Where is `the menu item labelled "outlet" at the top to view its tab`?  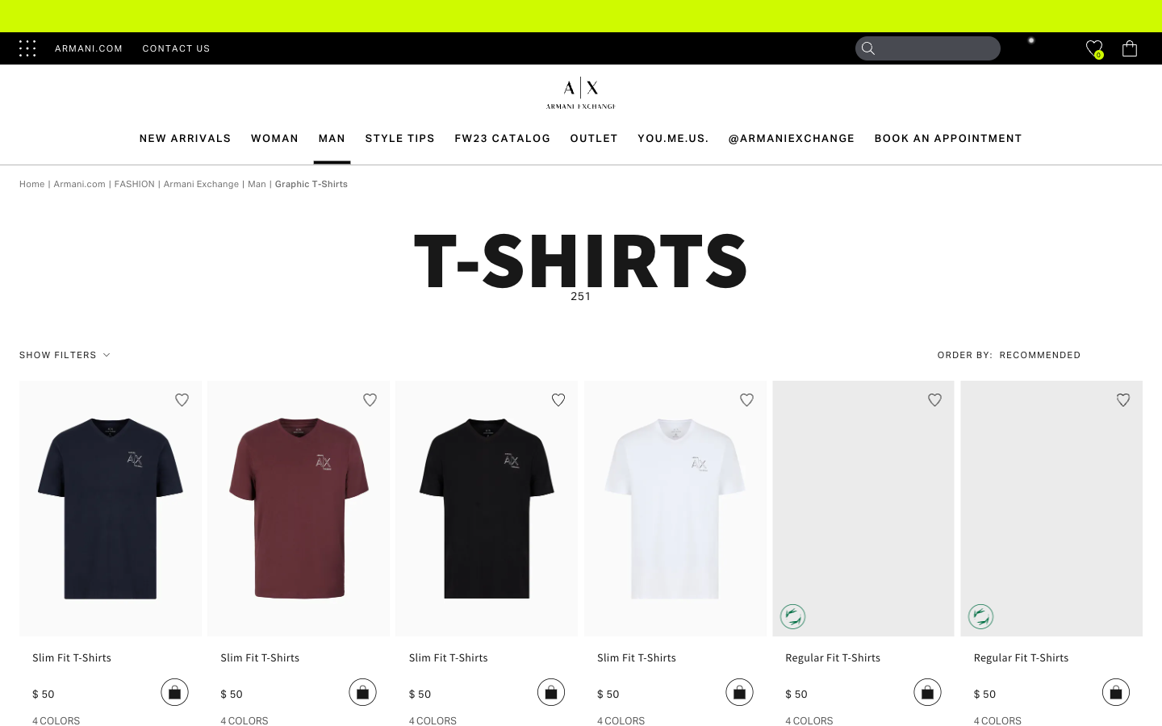
the menu item labelled "outlet" at the top to view its tab is located at coordinates (593, 138).